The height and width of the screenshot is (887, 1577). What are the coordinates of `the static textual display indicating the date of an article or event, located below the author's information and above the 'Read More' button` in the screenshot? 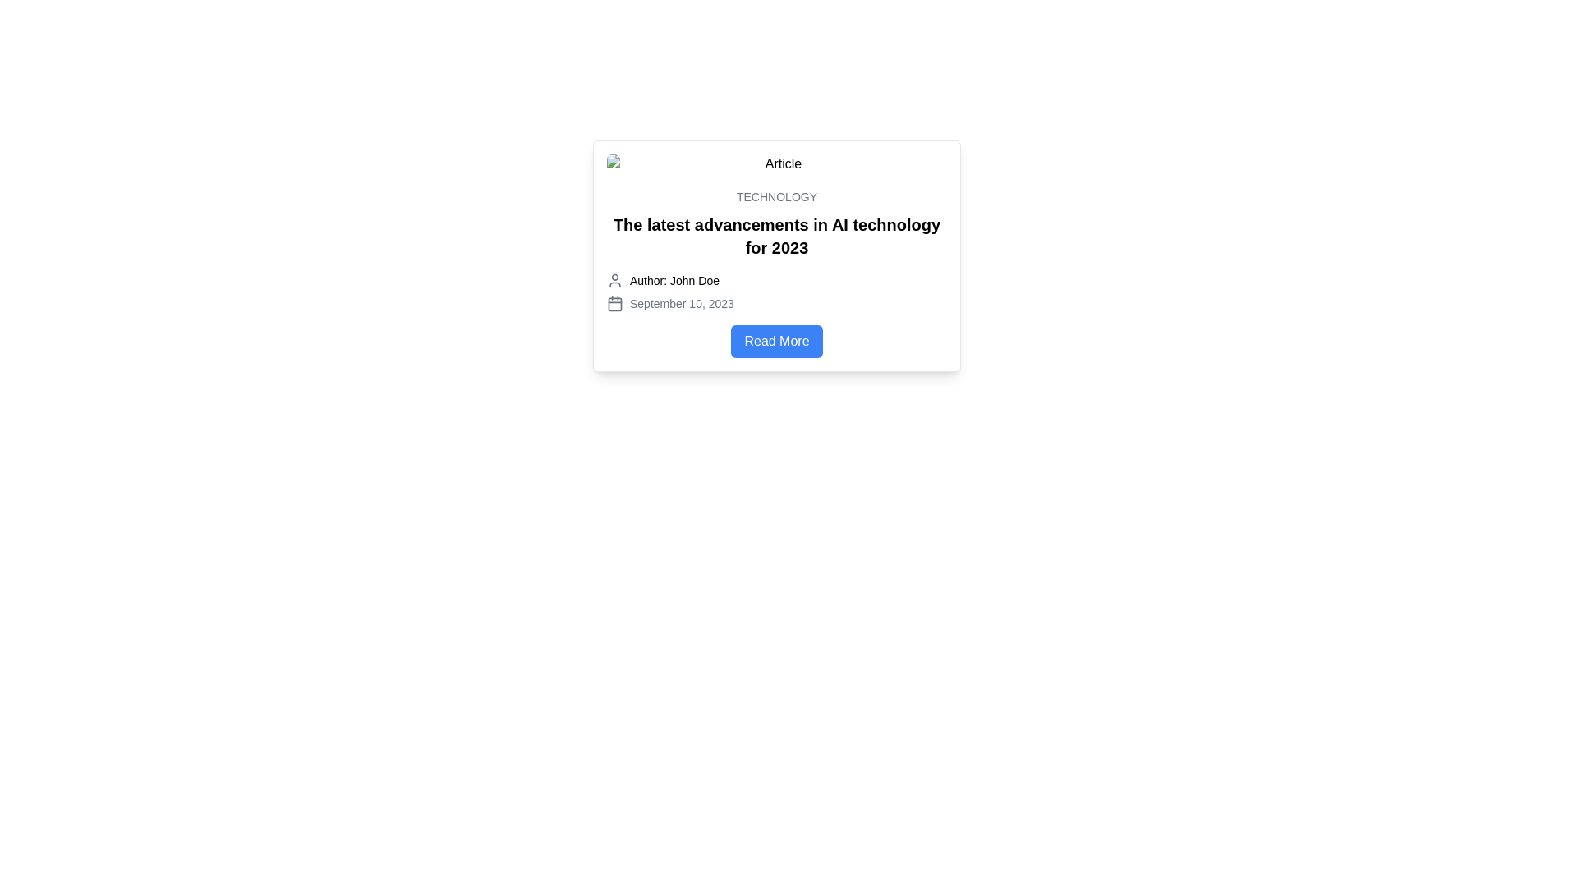 It's located at (775, 304).